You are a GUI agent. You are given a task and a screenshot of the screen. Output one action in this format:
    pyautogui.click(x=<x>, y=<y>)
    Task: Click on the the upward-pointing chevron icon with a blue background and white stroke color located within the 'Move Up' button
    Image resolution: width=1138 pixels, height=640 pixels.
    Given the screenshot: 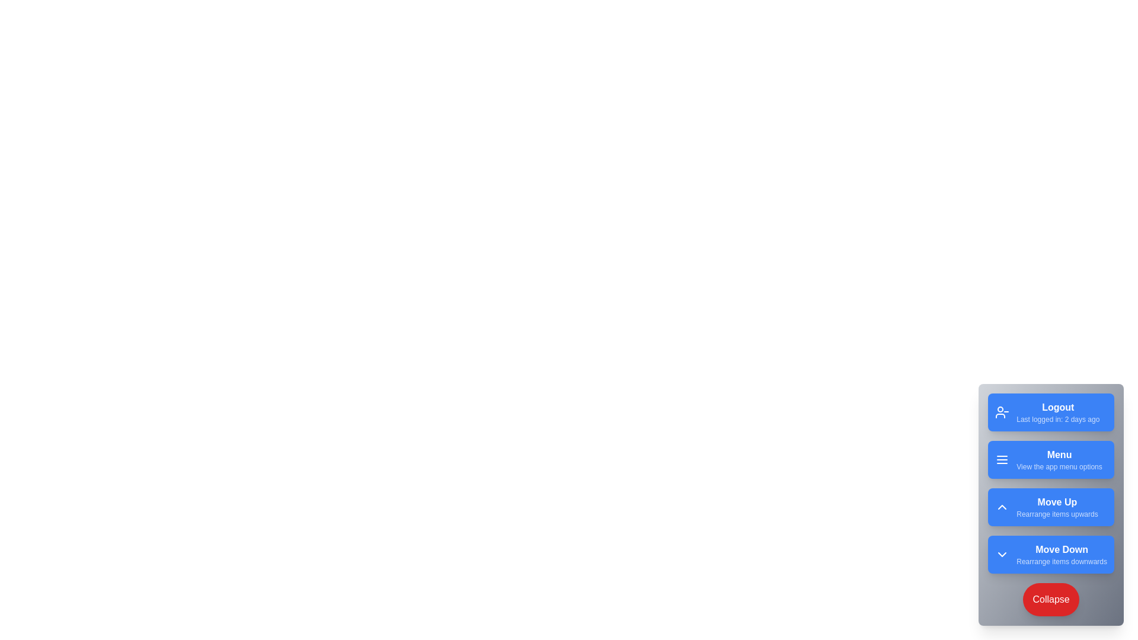 What is the action you would take?
    pyautogui.click(x=1002, y=507)
    